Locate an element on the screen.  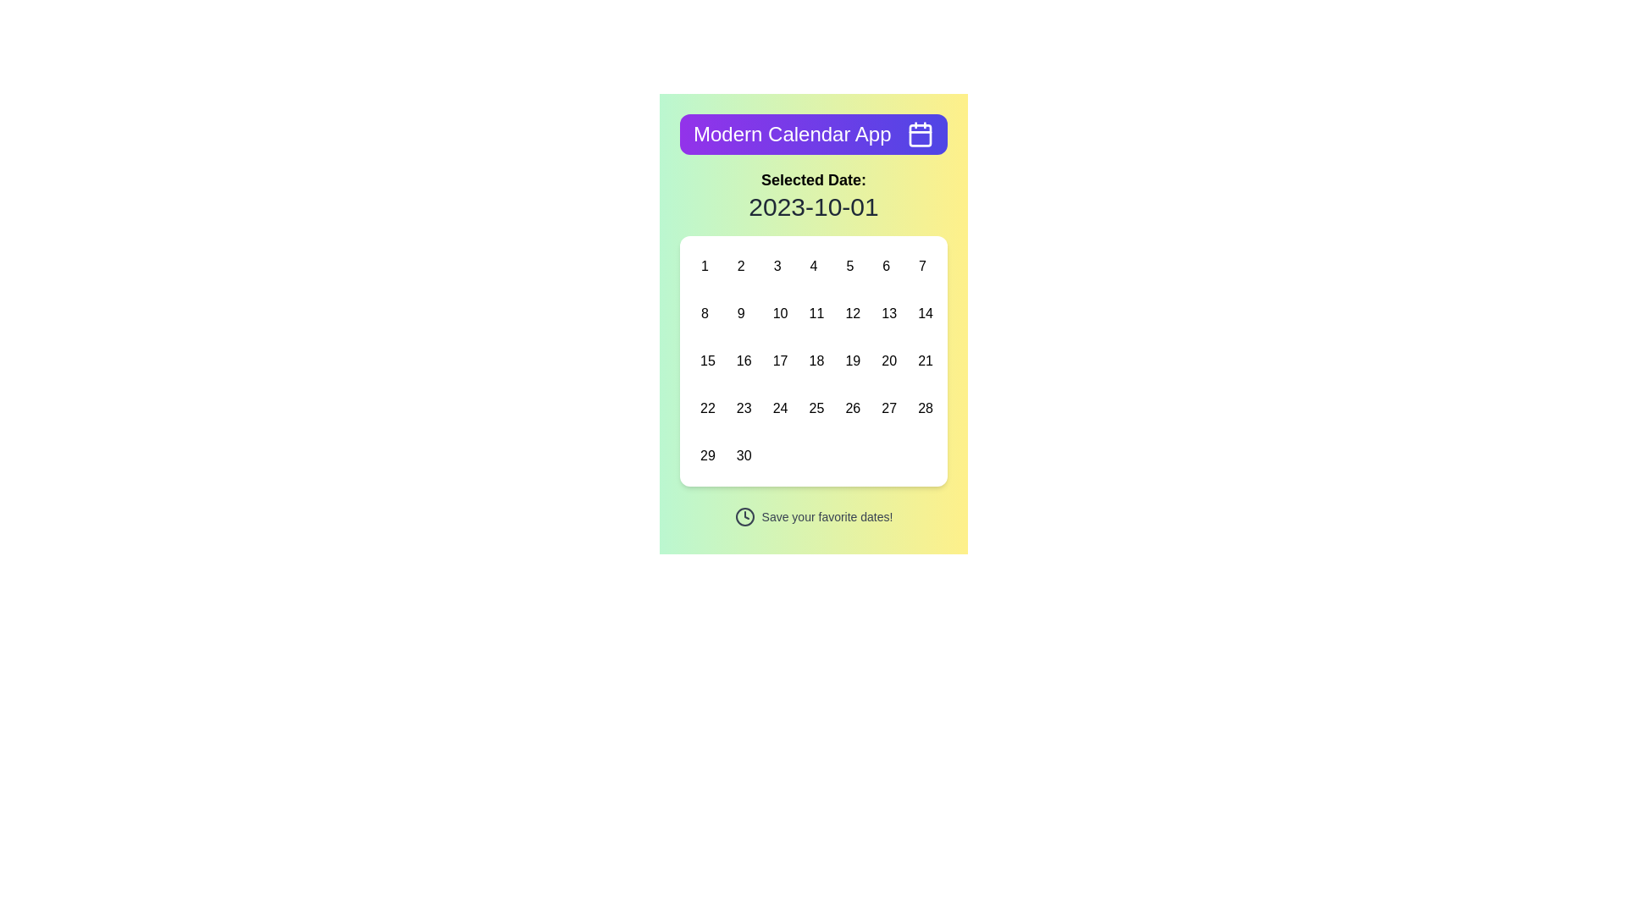
the Header element at the top of the interface, which has gradient styling and serves as the title for the application is located at coordinates (813, 133).